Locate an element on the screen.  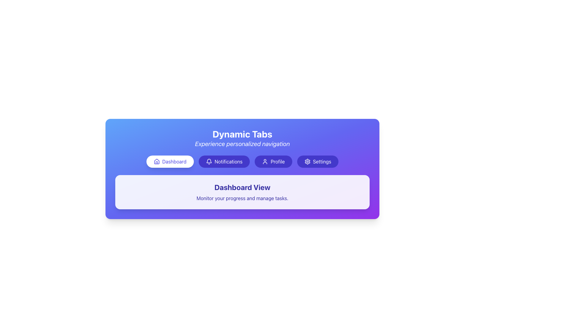
the non-interactive text label providing context for the 'Dashboard View' section, located below the 'Dashboard View' heading is located at coordinates (242, 198).